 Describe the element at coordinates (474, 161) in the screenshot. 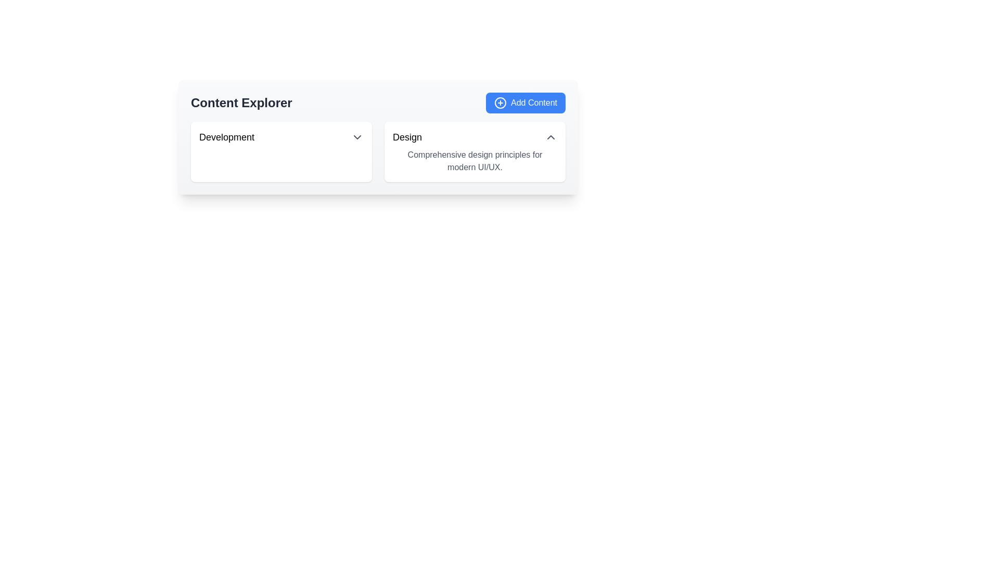

I see `the text block displaying 'Comprehensive design principles for modern UI/UX', which is styled in a smaller gray font and positioned below the header element labeled 'Design'` at that location.